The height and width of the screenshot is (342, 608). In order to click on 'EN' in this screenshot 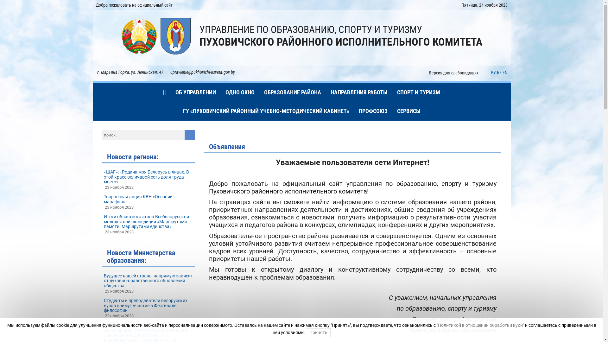, I will do `click(504, 72)`.